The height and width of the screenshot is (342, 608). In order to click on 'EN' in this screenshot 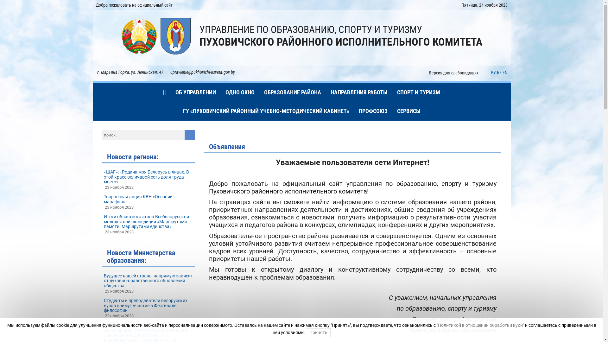, I will do `click(504, 72)`.